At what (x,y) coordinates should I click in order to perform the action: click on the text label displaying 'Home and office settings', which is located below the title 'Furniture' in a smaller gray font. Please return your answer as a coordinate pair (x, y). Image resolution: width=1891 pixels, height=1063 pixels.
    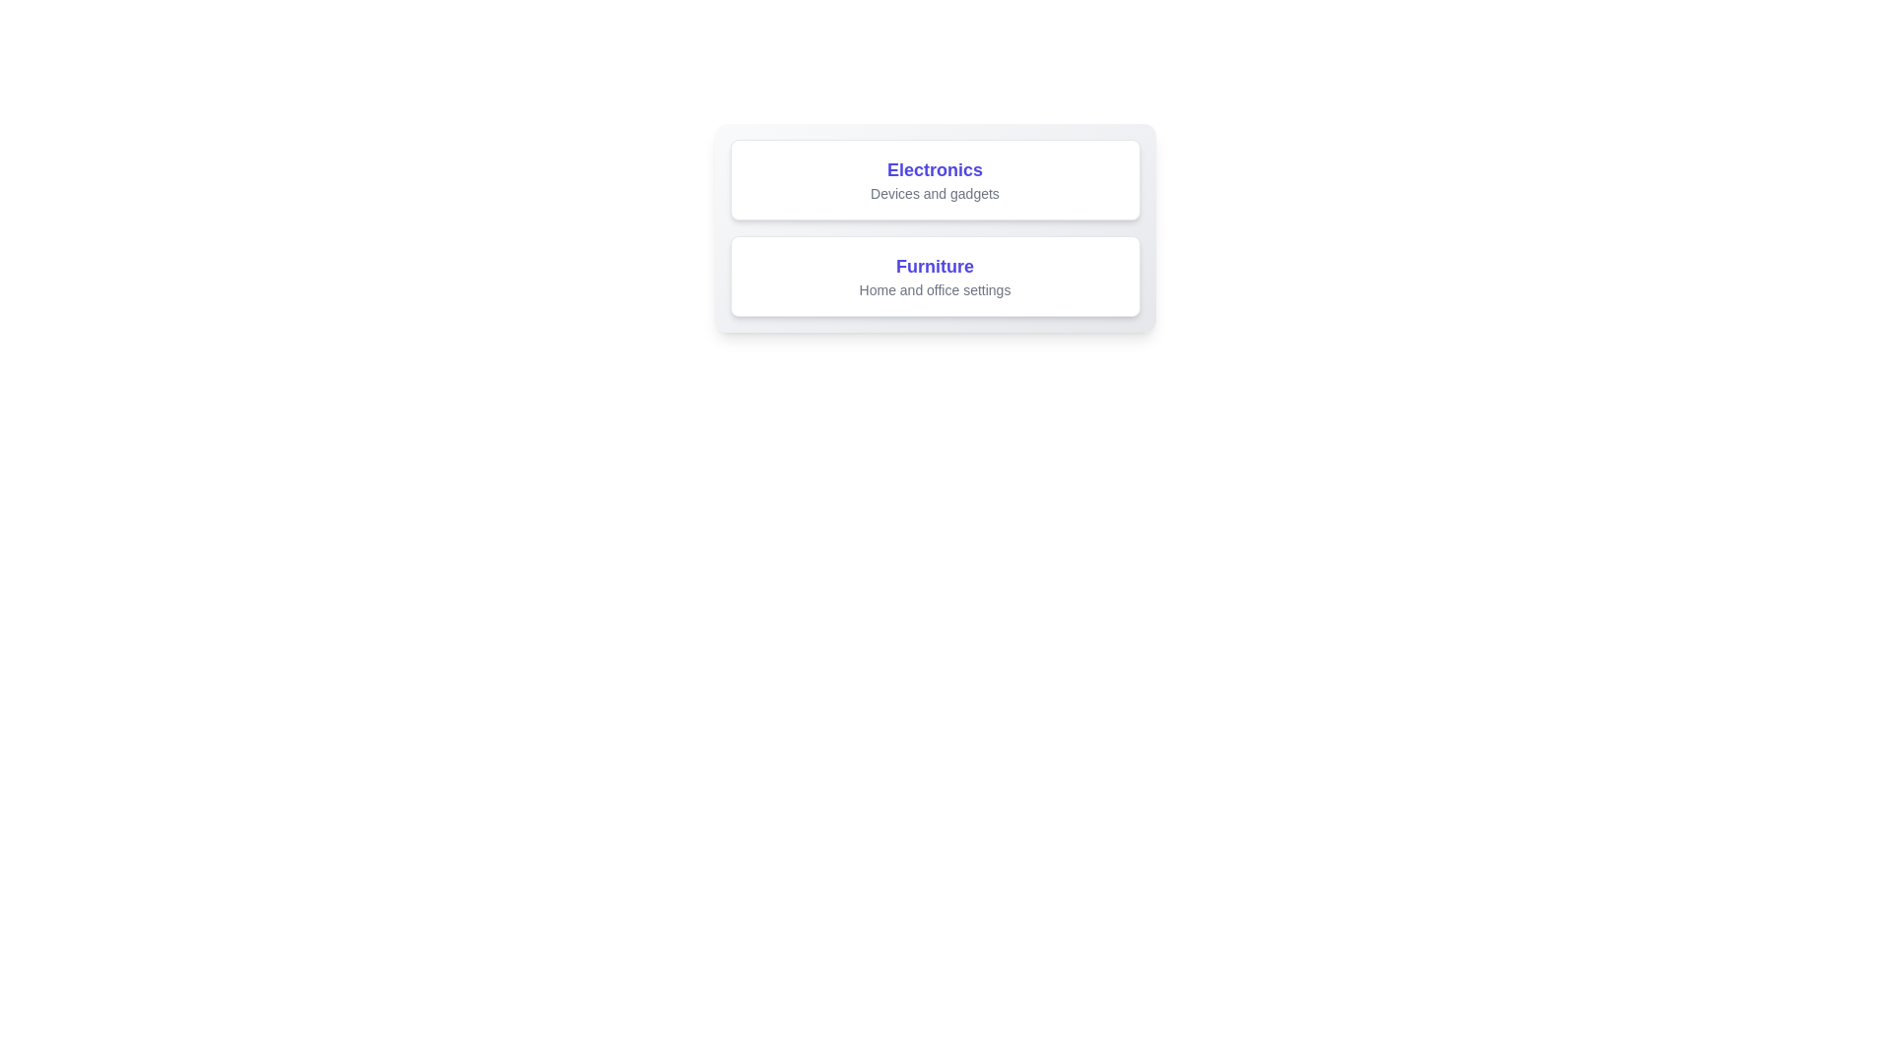
    Looking at the image, I should click on (934, 289).